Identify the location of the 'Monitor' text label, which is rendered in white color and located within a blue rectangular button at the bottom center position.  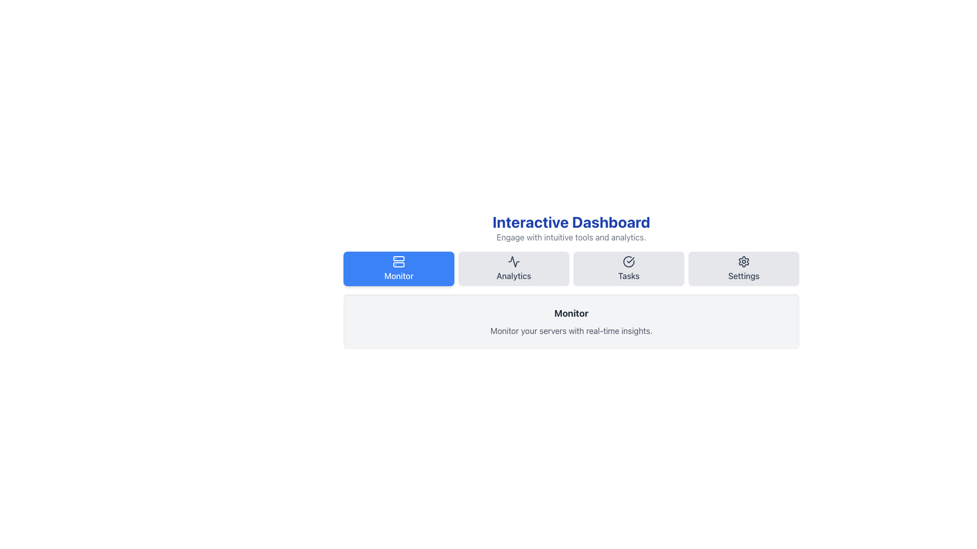
(398, 276).